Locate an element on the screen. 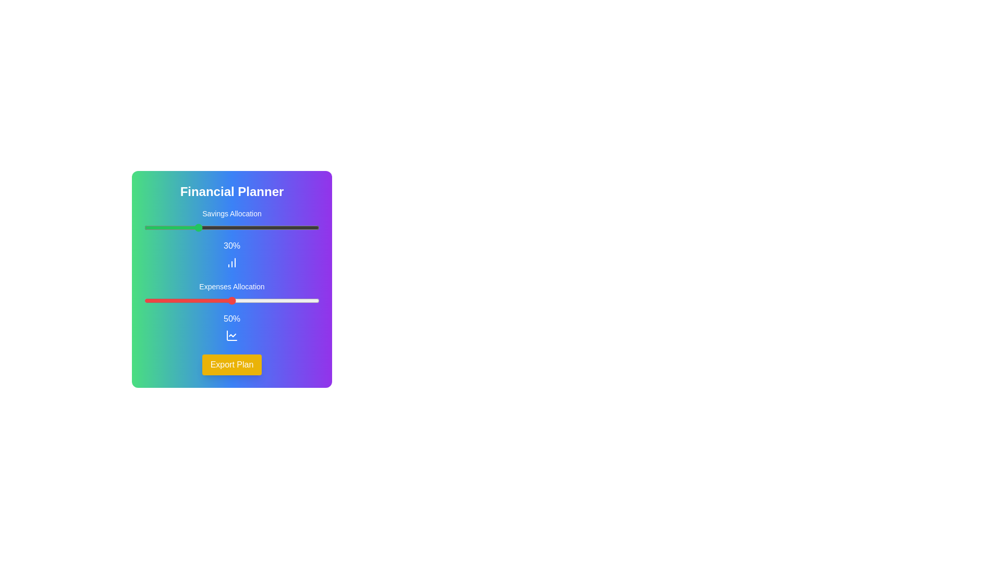 The height and width of the screenshot is (563, 1001). the expenses allocation slider is located at coordinates (251, 301).